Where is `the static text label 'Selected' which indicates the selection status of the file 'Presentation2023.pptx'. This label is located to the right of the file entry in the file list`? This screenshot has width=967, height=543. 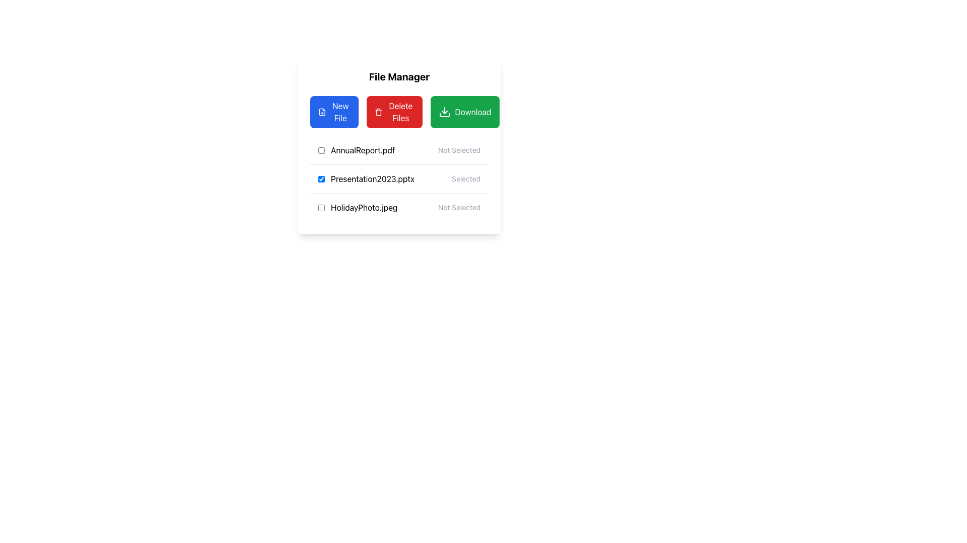
the static text label 'Selected' which indicates the selection status of the file 'Presentation2023.pptx'. This label is located to the right of the file entry in the file list is located at coordinates (465, 178).